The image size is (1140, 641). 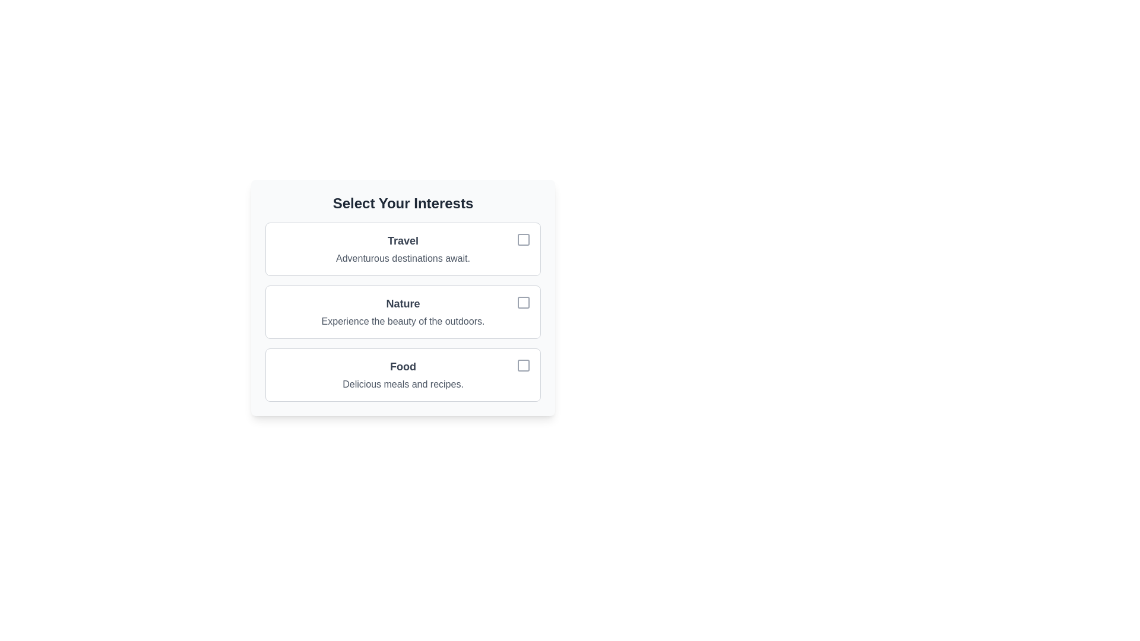 I want to click on the checkbox for the 'Food' option, so click(x=523, y=365).